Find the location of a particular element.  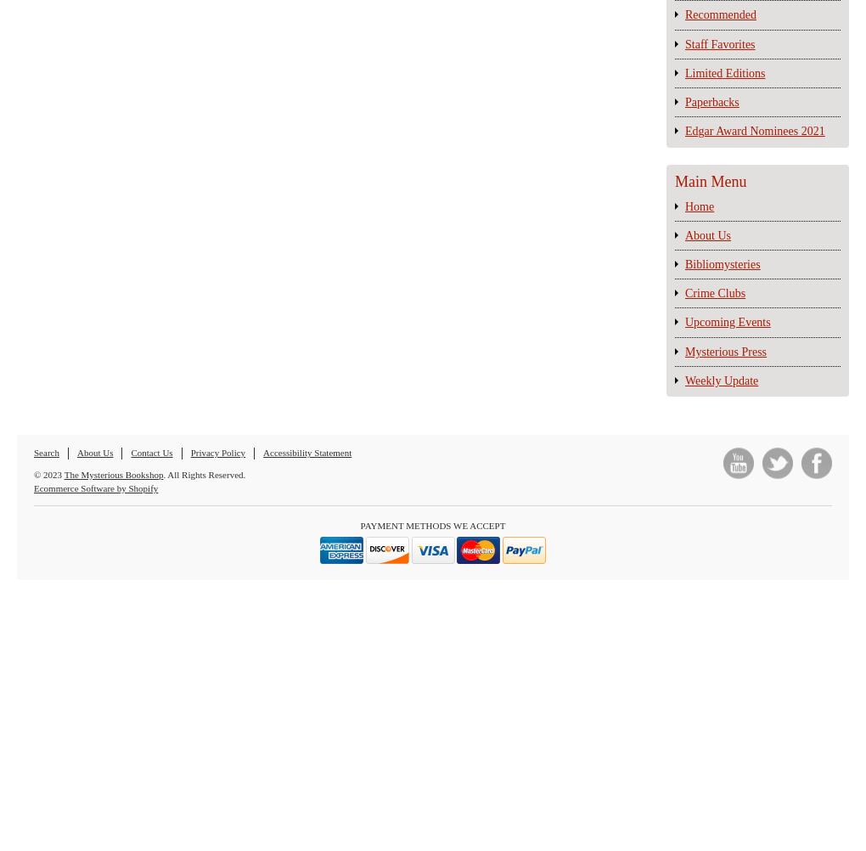

'. All Rights Reserved.' is located at coordinates (204, 474).